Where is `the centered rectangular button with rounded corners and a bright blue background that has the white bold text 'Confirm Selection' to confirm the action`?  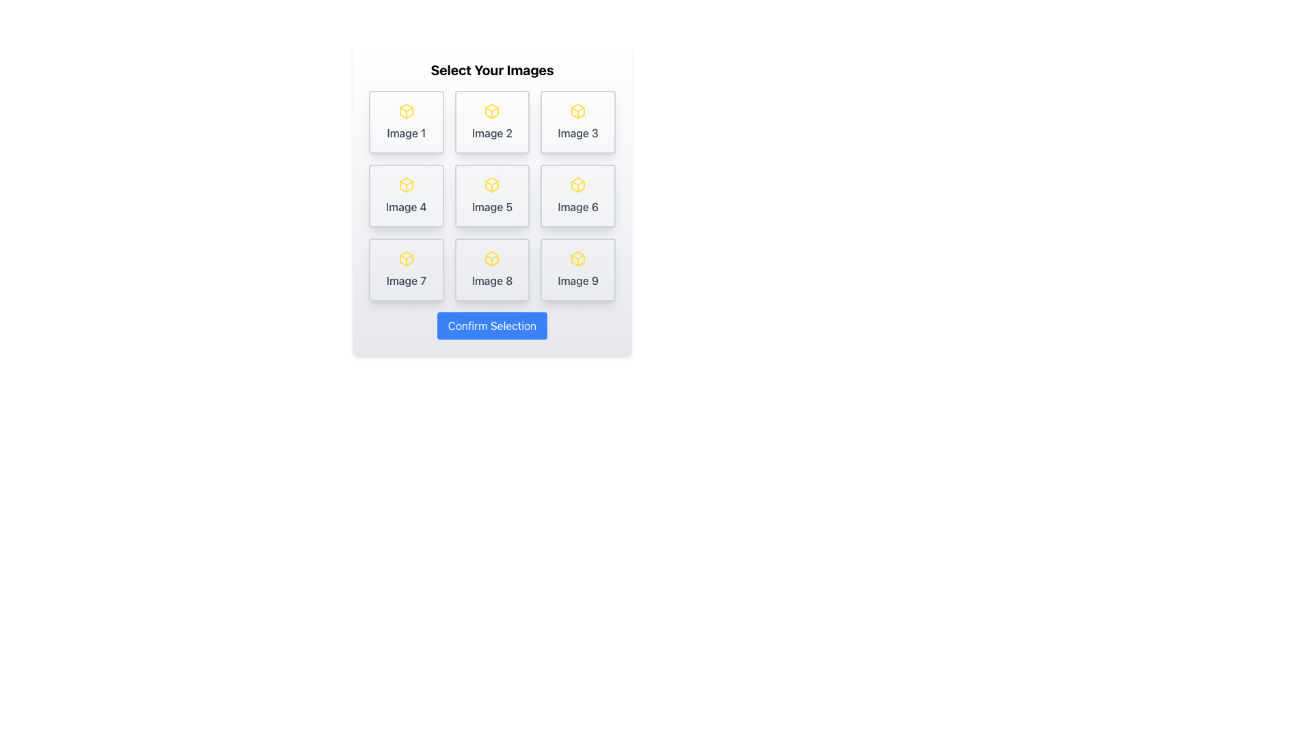 the centered rectangular button with rounded corners and a bright blue background that has the white bold text 'Confirm Selection' to confirm the action is located at coordinates (492, 326).